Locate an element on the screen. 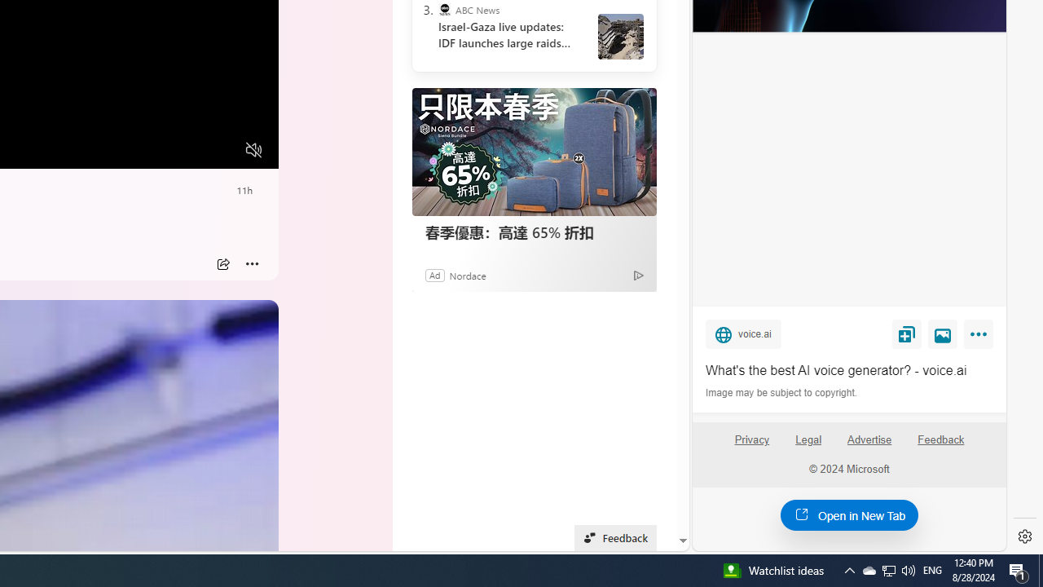 The height and width of the screenshot is (587, 1043). 'Privacy' is located at coordinates (750, 446).